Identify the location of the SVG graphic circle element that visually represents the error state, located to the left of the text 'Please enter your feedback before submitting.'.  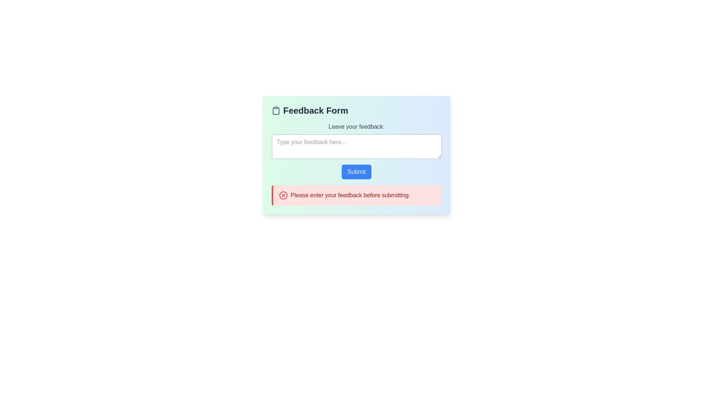
(283, 195).